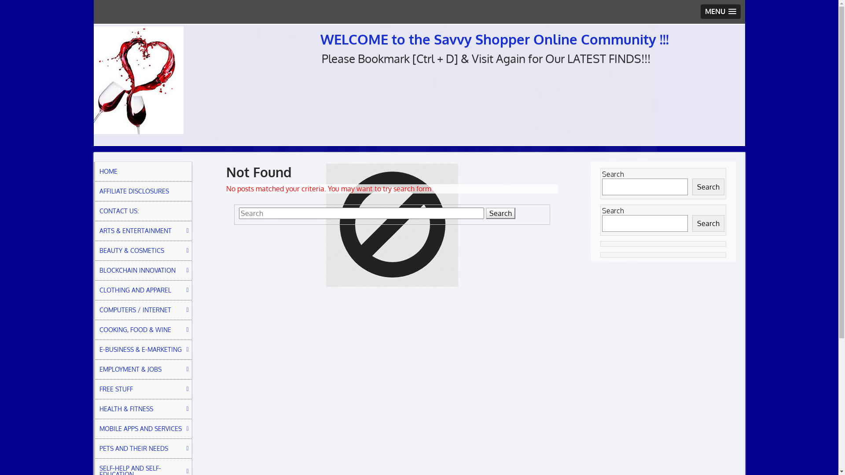  What do you see at coordinates (143, 329) in the screenshot?
I see `'COOKING, FOOD & WINE'` at bounding box center [143, 329].